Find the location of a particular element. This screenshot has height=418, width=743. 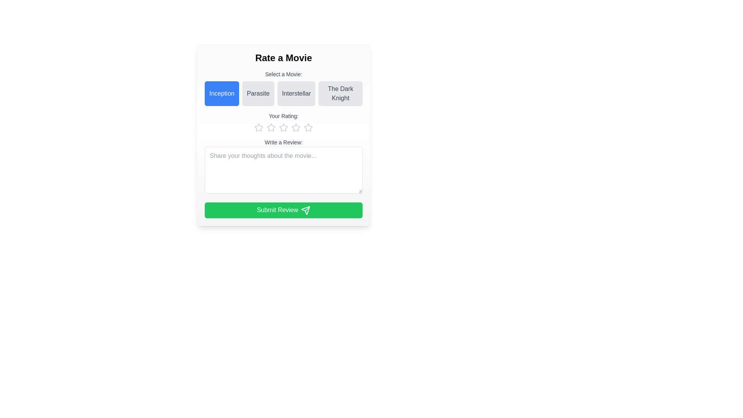

the third star icon in the series of five rating stars is located at coordinates (271, 127).